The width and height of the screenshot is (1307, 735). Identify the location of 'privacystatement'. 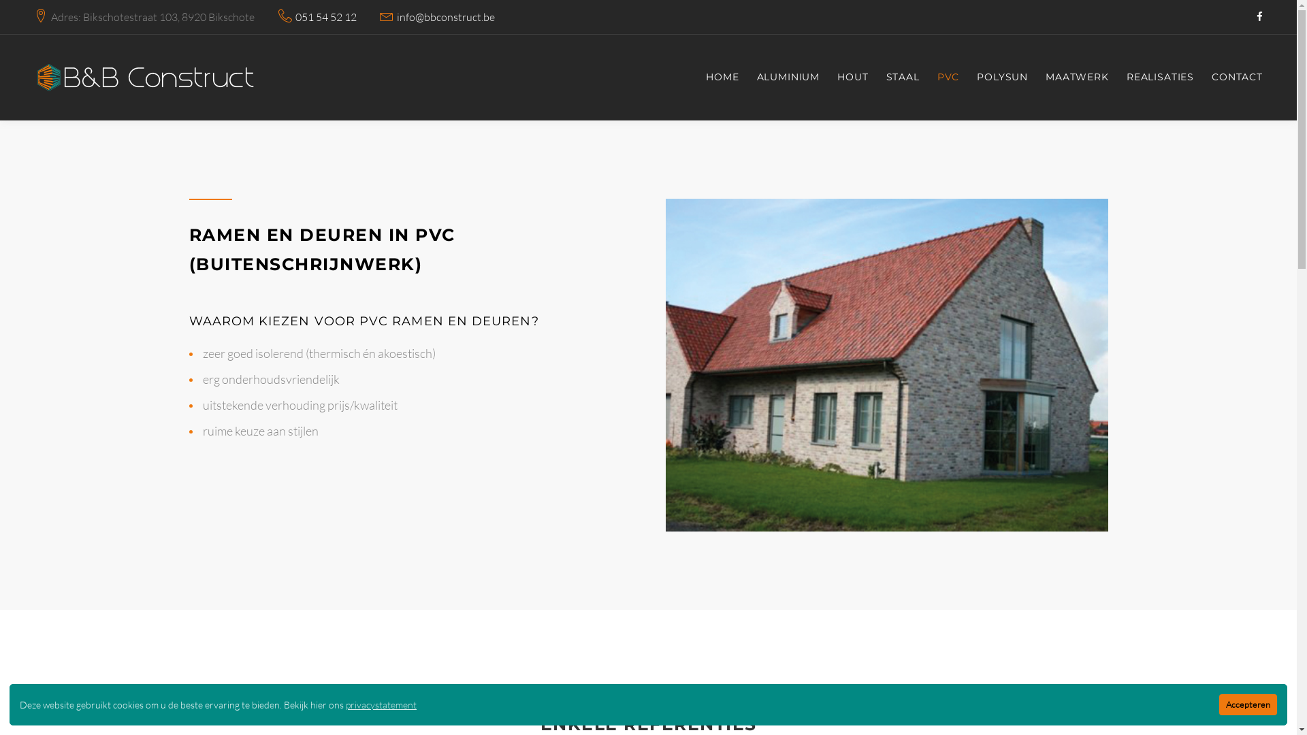
(346, 704).